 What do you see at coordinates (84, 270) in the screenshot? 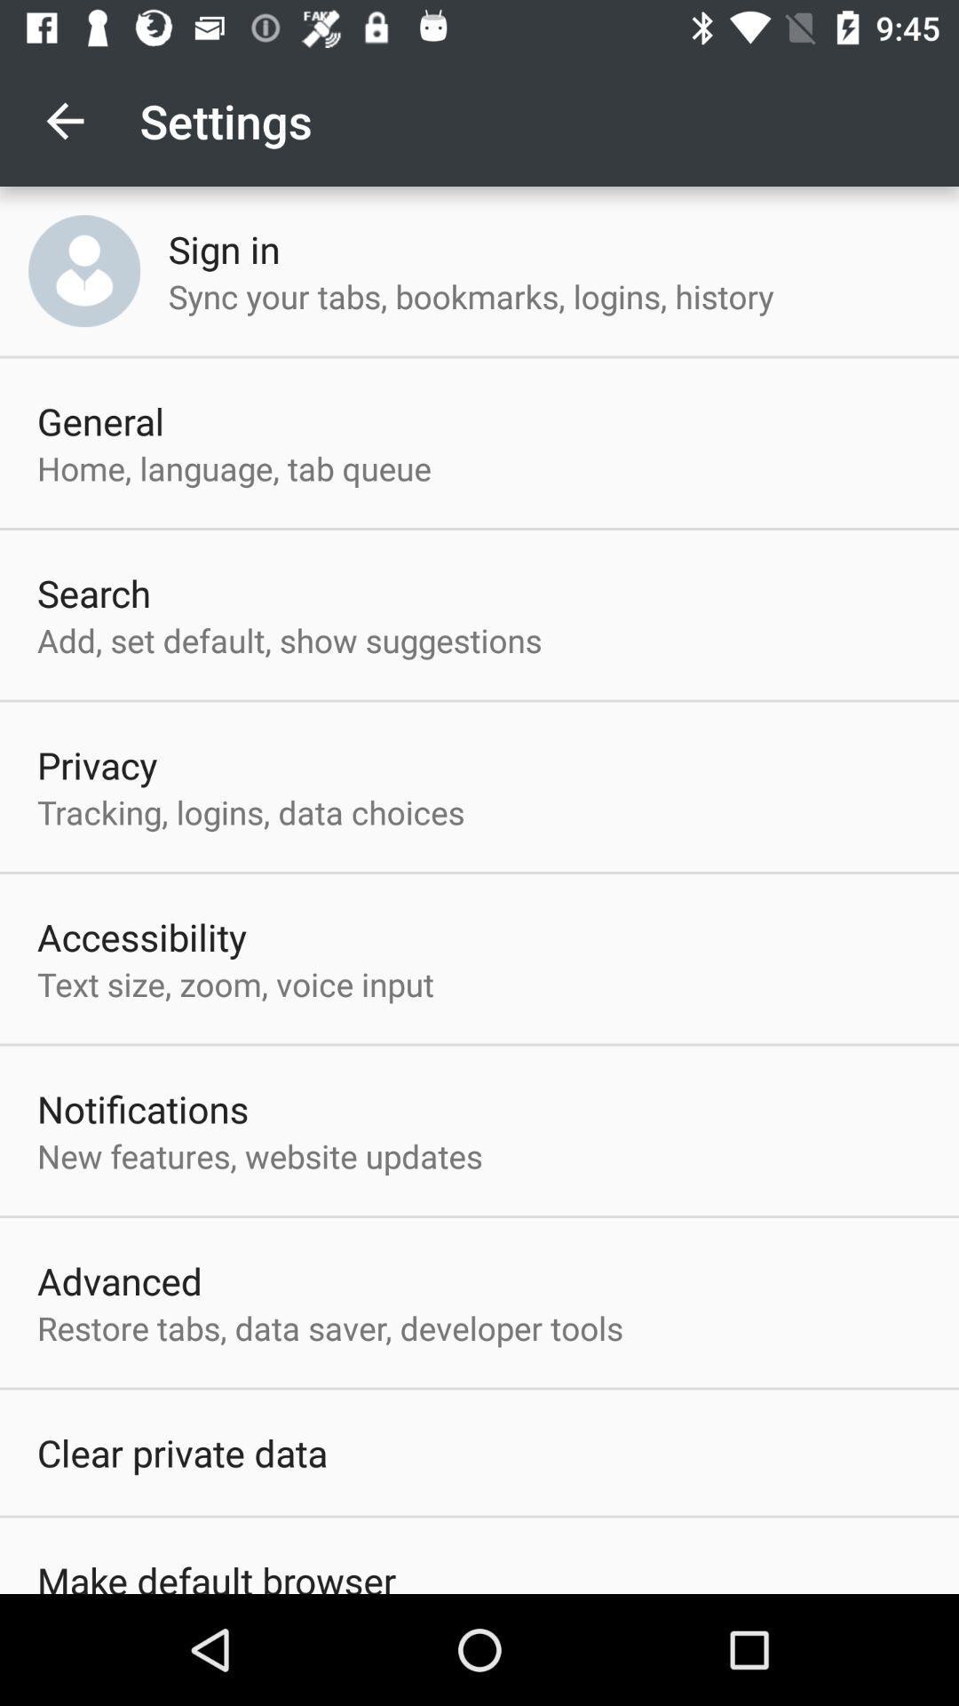
I see `move to icon which is left to sign in` at bounding box center [84, 270].